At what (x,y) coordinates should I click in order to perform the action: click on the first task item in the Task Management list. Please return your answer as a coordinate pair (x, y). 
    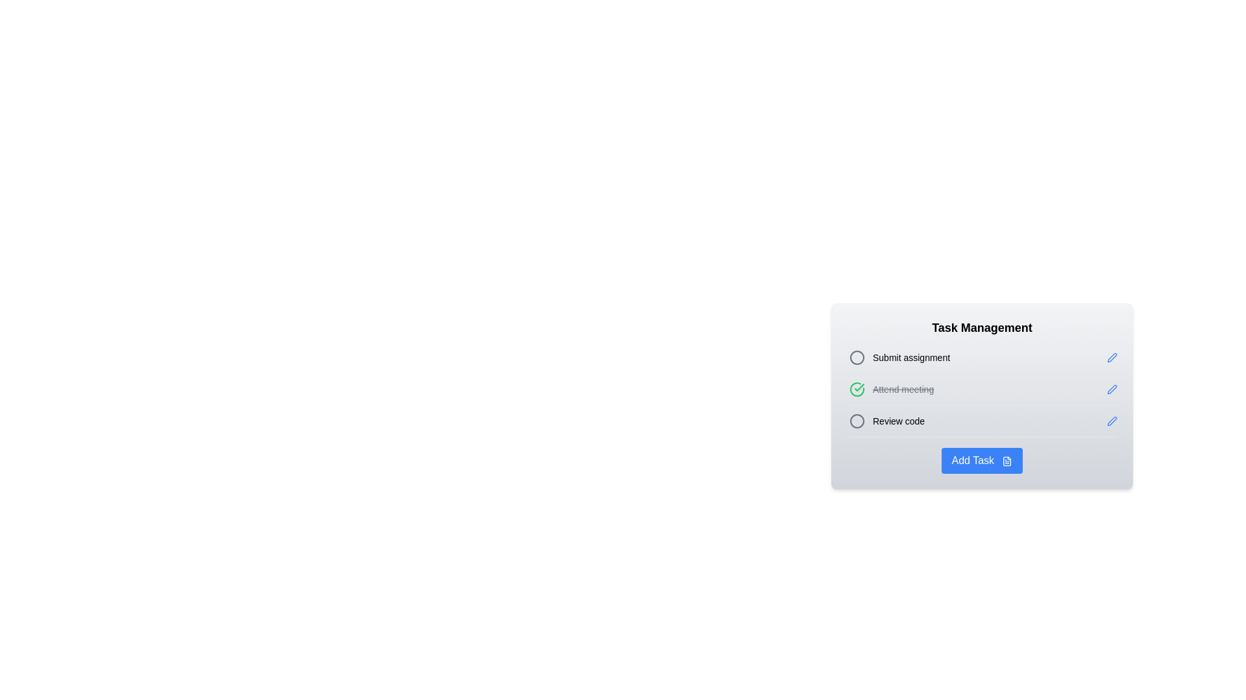
    Looking at the image, I should click on (982, 360).